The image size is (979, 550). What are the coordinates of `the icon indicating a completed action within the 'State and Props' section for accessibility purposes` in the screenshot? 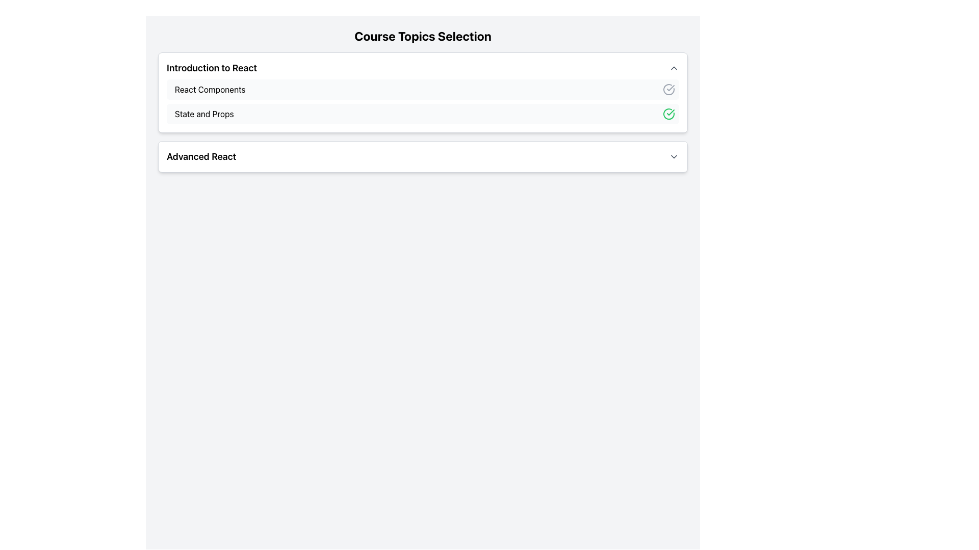 It's located at (668, 114).